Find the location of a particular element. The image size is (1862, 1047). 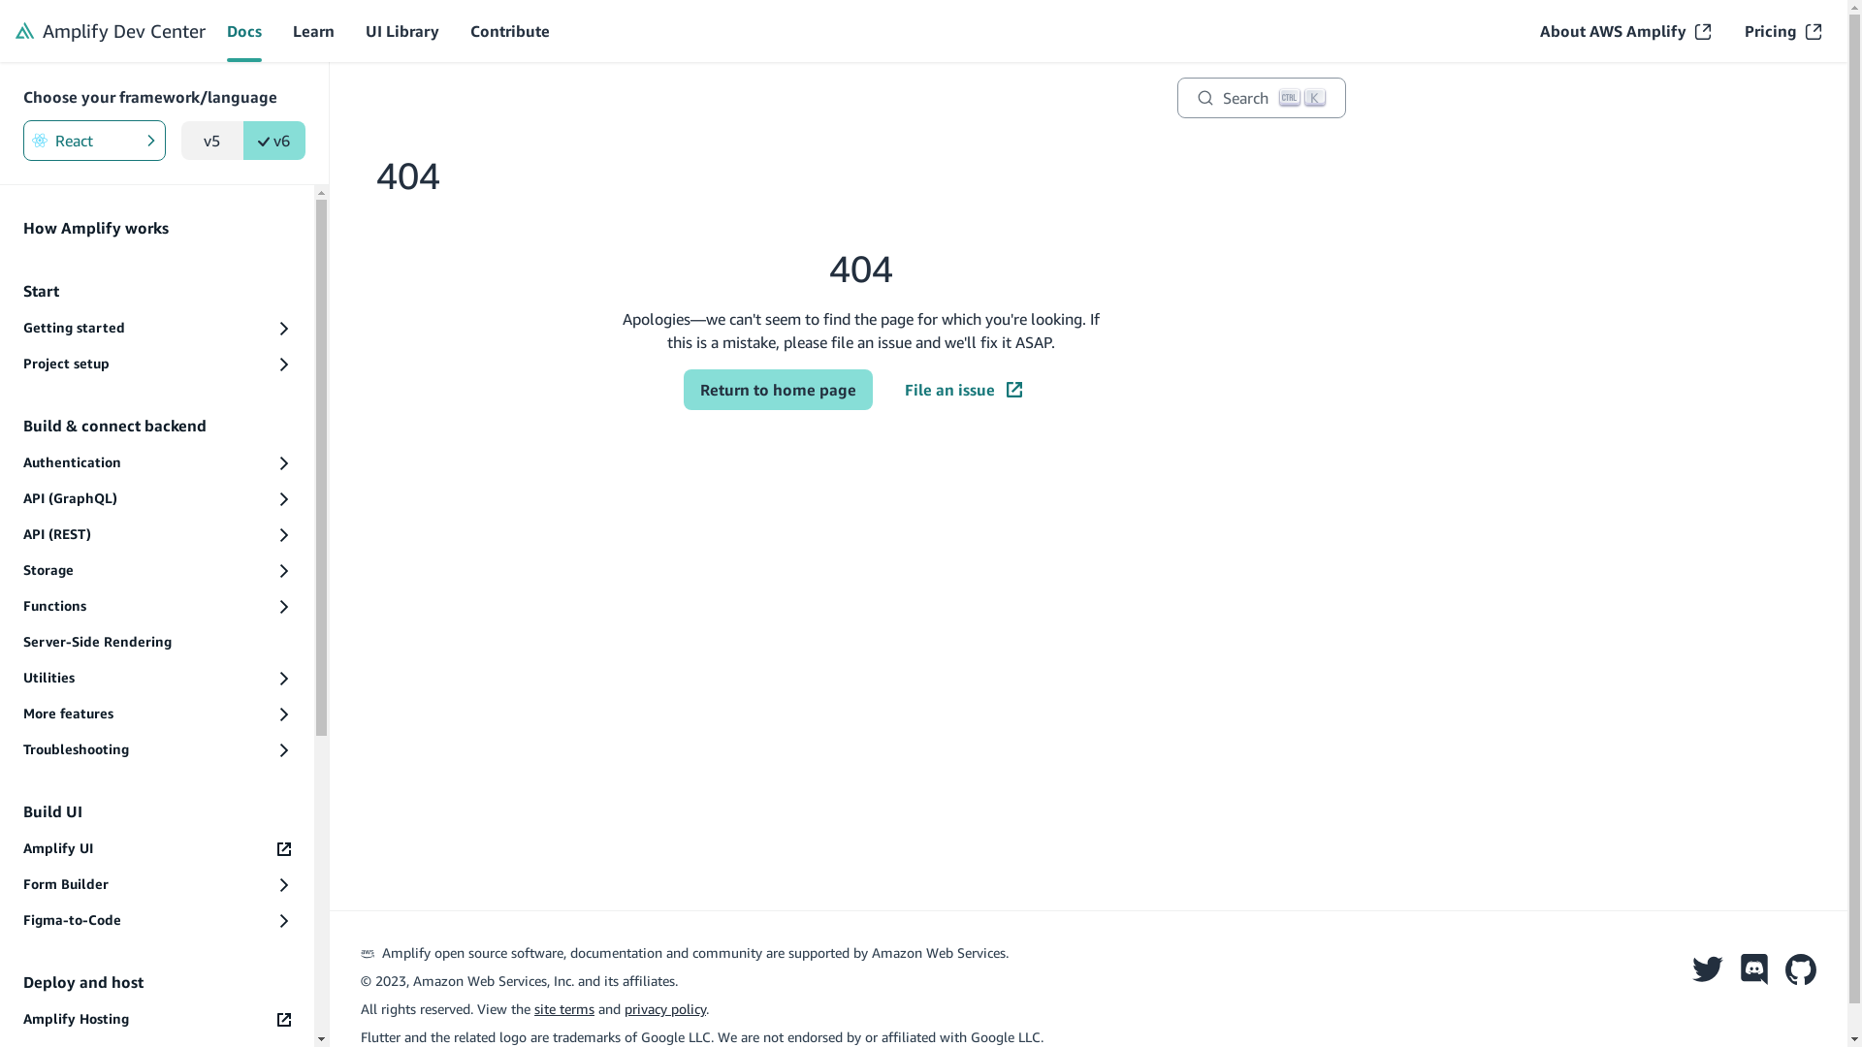

'Discord' is located at coordinates (1754, 965).